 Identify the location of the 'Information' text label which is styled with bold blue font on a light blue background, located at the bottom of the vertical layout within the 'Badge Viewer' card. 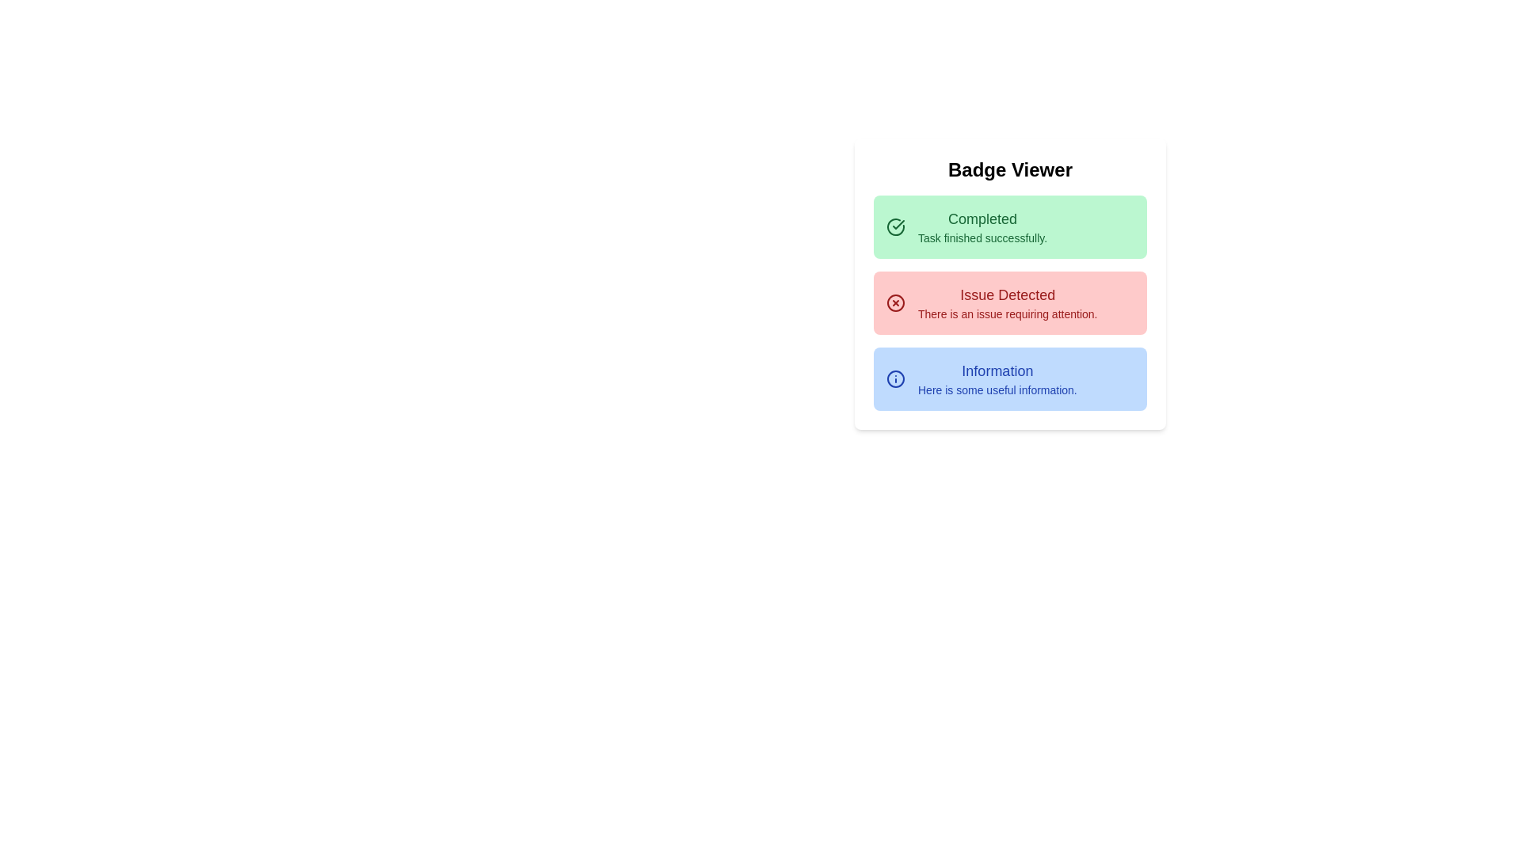
(997, 378).